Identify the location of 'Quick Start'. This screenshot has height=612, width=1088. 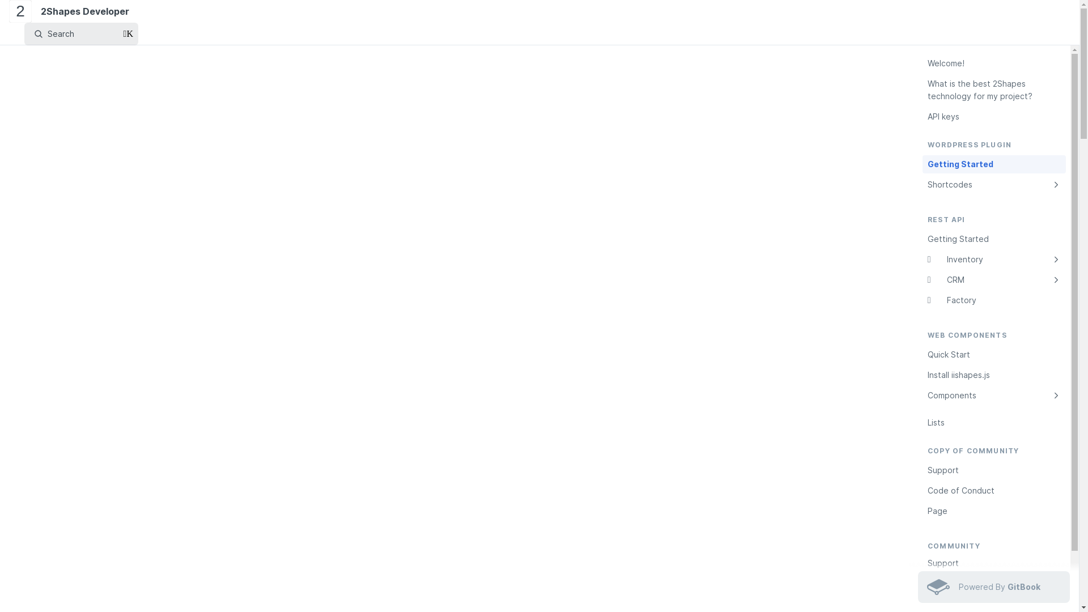
(993, 354).